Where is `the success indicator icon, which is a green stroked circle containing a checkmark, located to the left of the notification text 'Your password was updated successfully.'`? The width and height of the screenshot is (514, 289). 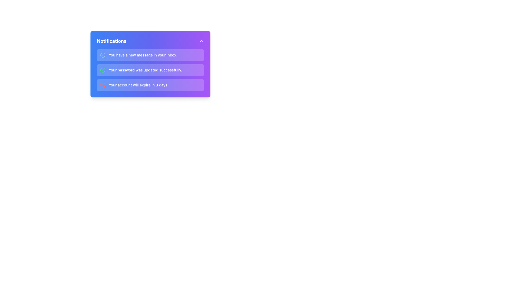
the success indicator icon, which is a green stroked circle containing a checkmark, located to the left of the notification text 'Your password was updated successfully.' is located at coordinates (103, 70).